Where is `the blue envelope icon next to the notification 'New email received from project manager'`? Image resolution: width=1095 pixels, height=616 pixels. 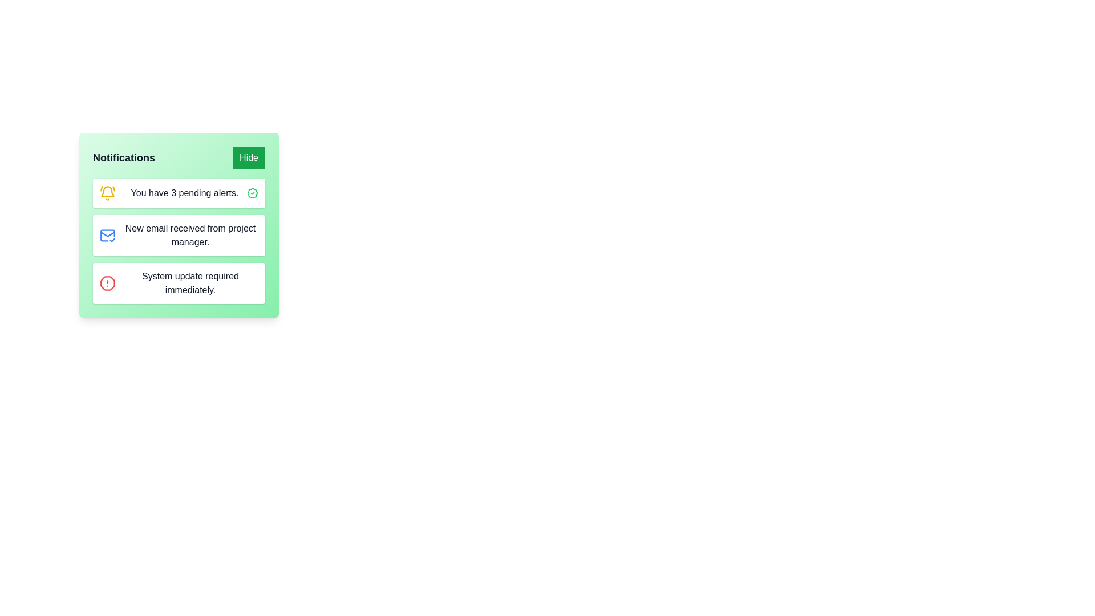 the blue envelope icon next to the notification 'New email received from project manager' is located at coordinates (107, 234).